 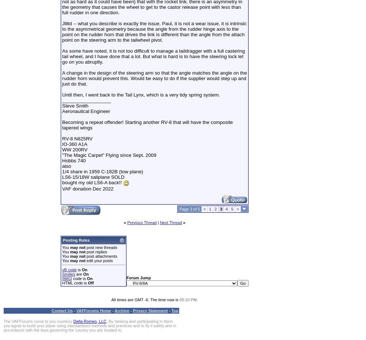 I want to click on 'Steve Smith', so click(x=75, y=106).